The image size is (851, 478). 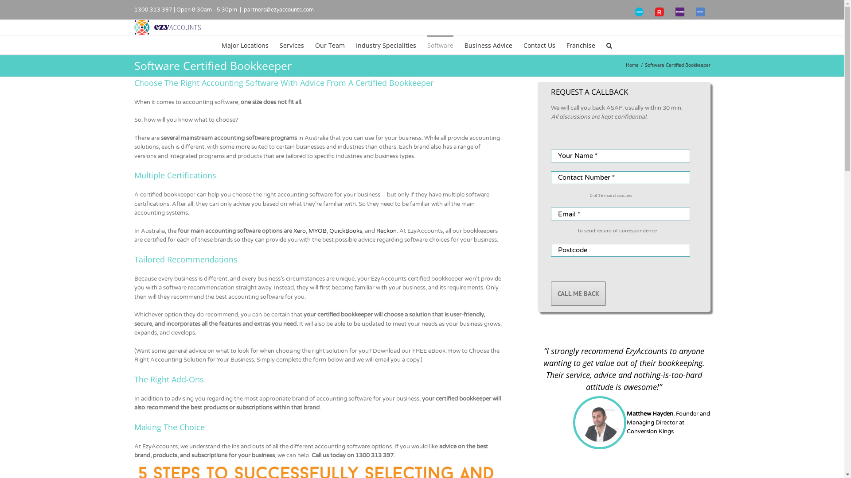 What do you see at coordinates (329, 45) in the screenshot?
I see `'Our Team'` at bounding box center [329, 45].